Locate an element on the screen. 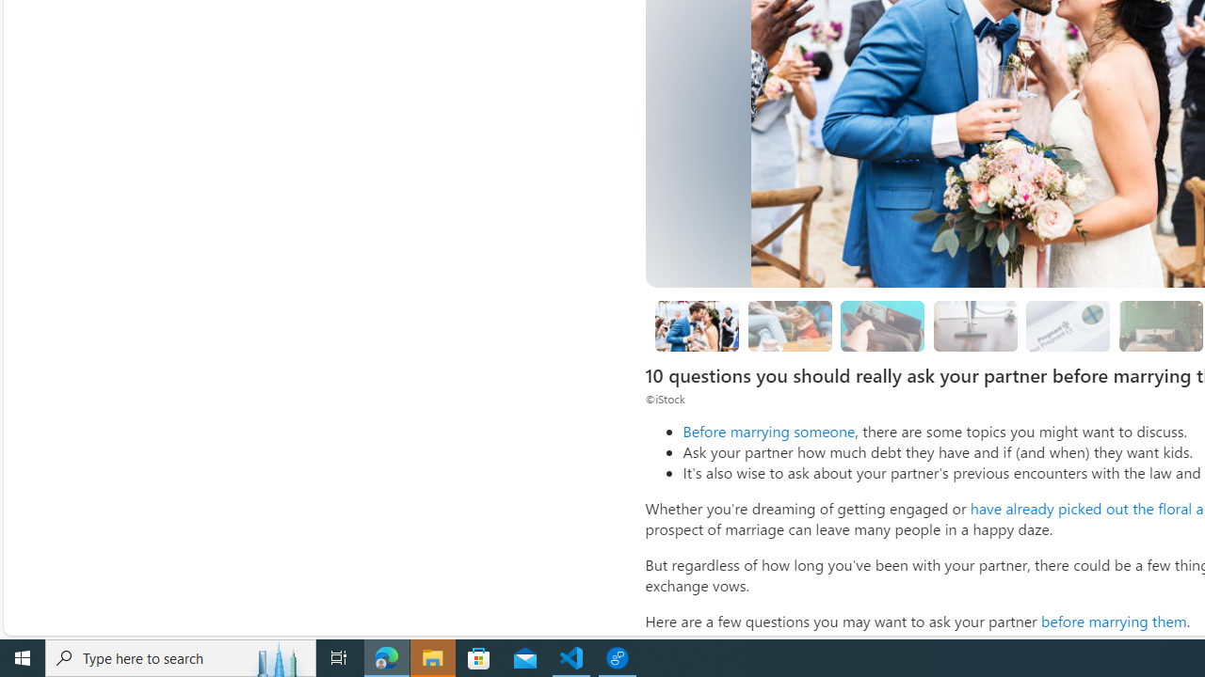 The height and width of the screenshot is (677, 1205). 'What kind of debt do you have?' is located at coordinates (881, 325).